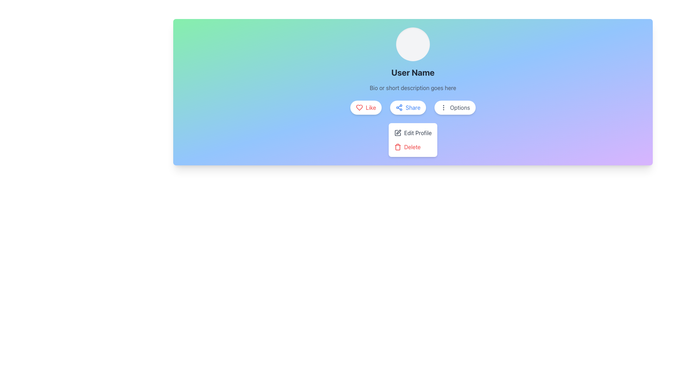  I want to click on the edit icon located in the lower-center portion of the user profile card, so click(399, 132).